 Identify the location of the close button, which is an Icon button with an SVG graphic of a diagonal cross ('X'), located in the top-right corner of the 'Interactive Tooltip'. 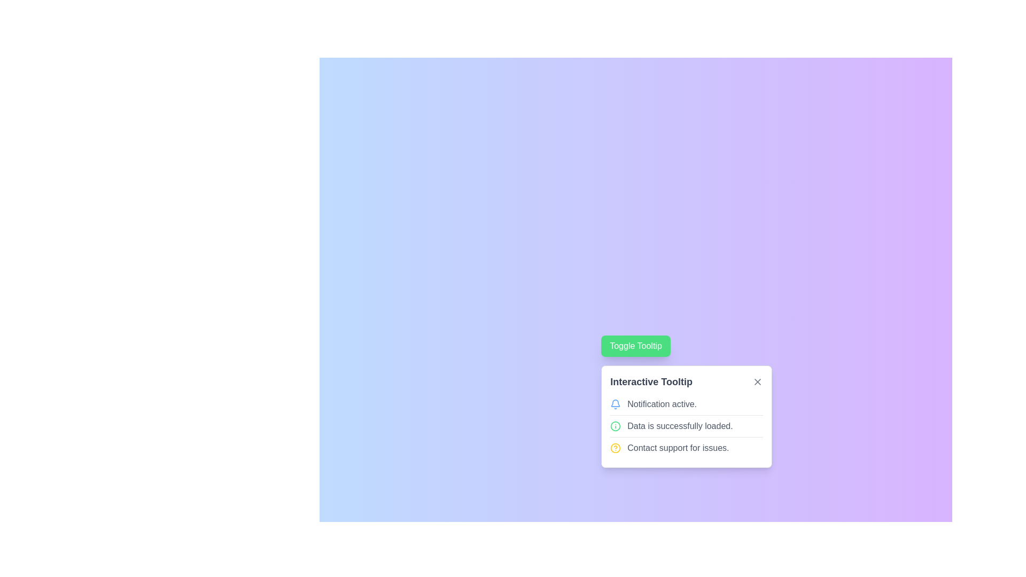
(757, 381).